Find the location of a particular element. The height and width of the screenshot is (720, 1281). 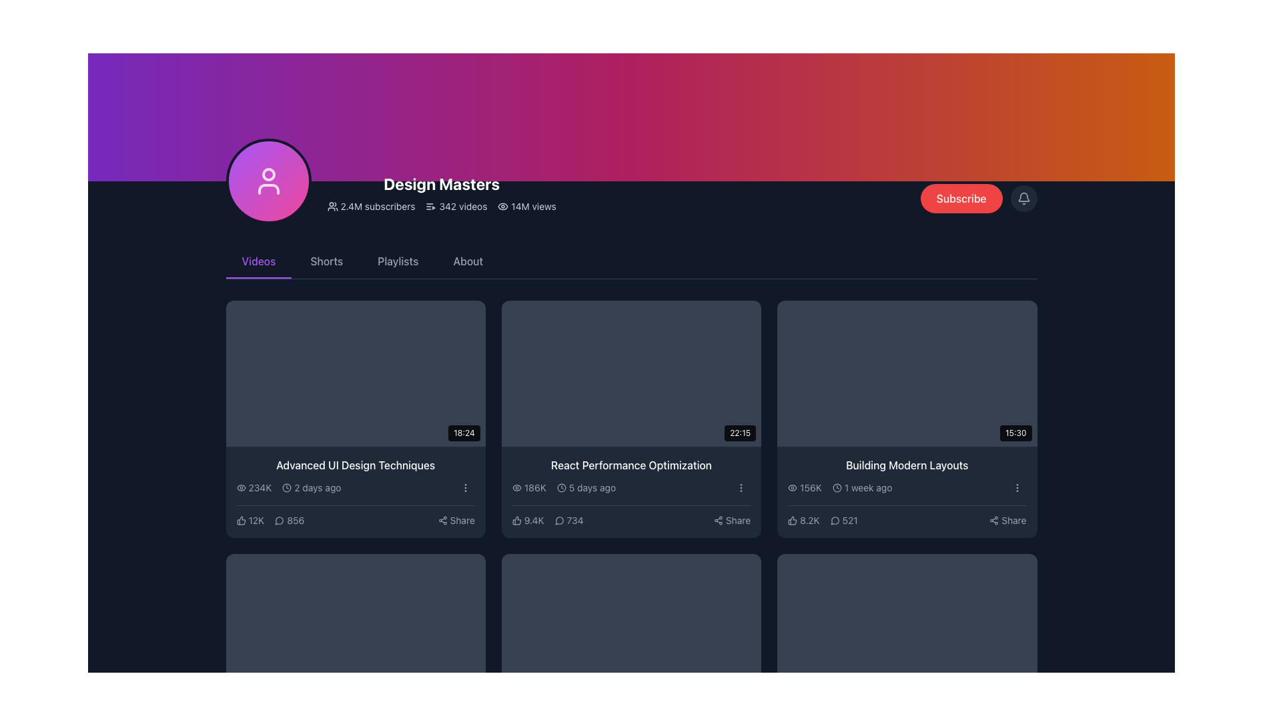

the SVG circle that represents the user profile or avatar icon, located at the top of the user profile graphic is located at coordinates (268, 174).